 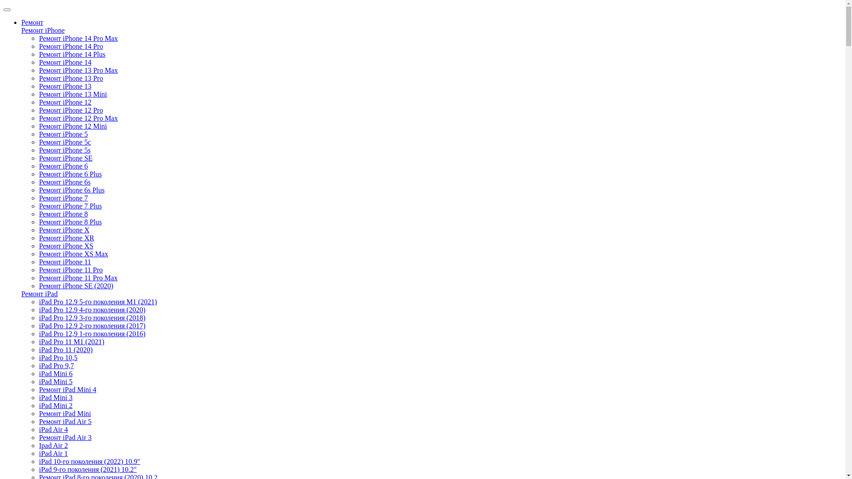 I want to click on 'iPad Air 4', so click(x=53, y=429).